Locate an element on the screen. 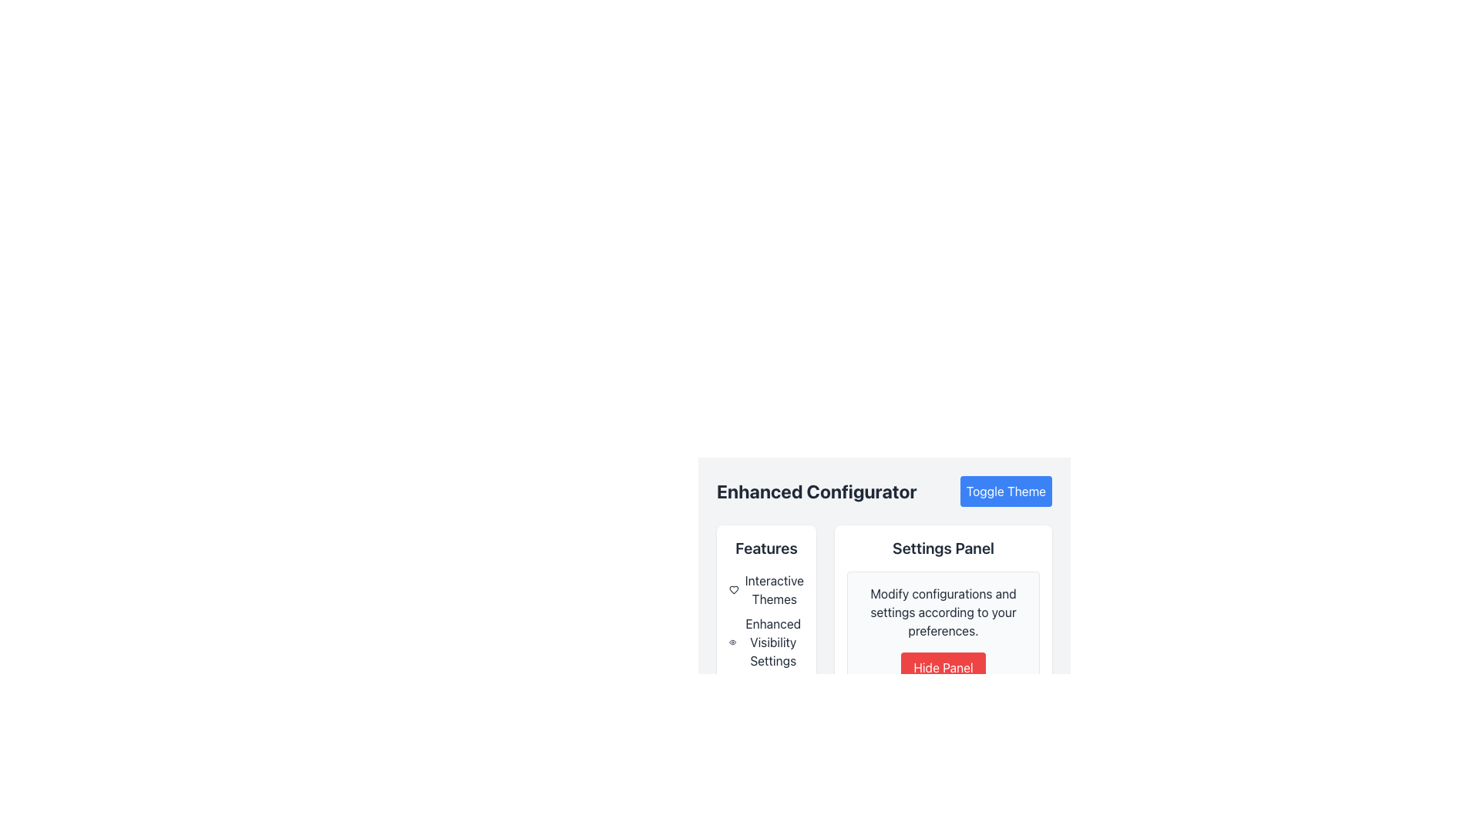  the large, bold, dark-colored text block displaying 'Enhanced Configurator', which is styled prominently and located at the top-center of the visible area, slightly towards the top-left quadrant is located at coordinates (816, 491).